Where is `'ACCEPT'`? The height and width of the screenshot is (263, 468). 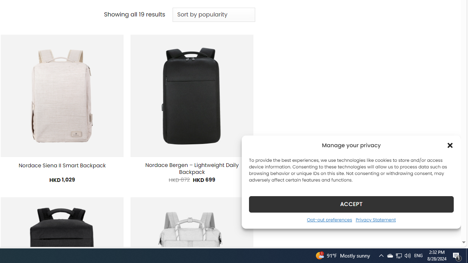
'ACCEPT' is located at coordinates (351, 204).